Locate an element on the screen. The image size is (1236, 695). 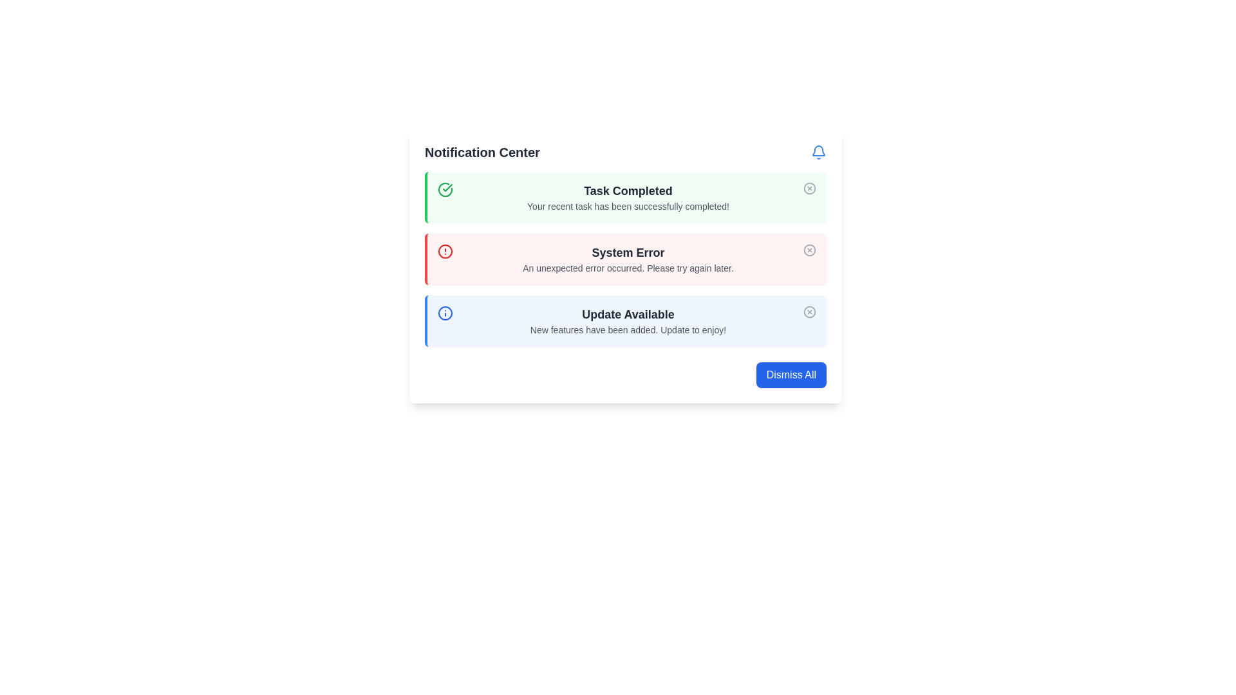
displayed information from the Notification box indicating an error, which is positioned second in the stacked list of notifications is located at coordinates (625, 259).